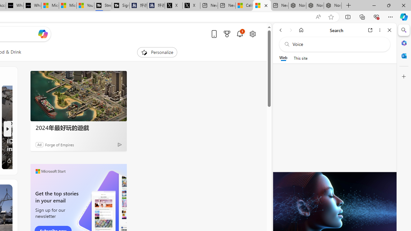  Describe the element at coordinates (157, 52) in the screenshot. I see `'Personalize'` at that location.